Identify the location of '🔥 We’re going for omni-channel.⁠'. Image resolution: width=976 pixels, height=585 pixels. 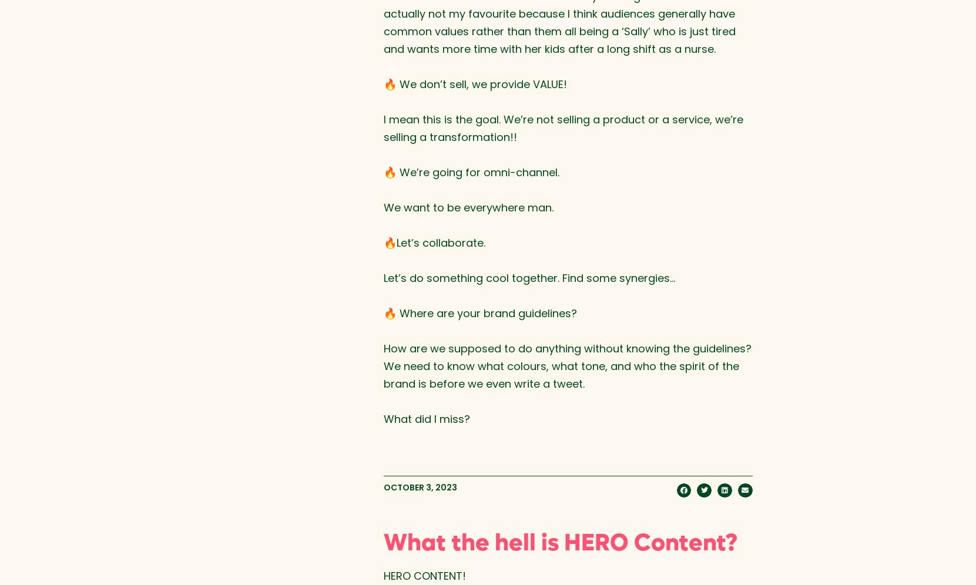
(470, 171).